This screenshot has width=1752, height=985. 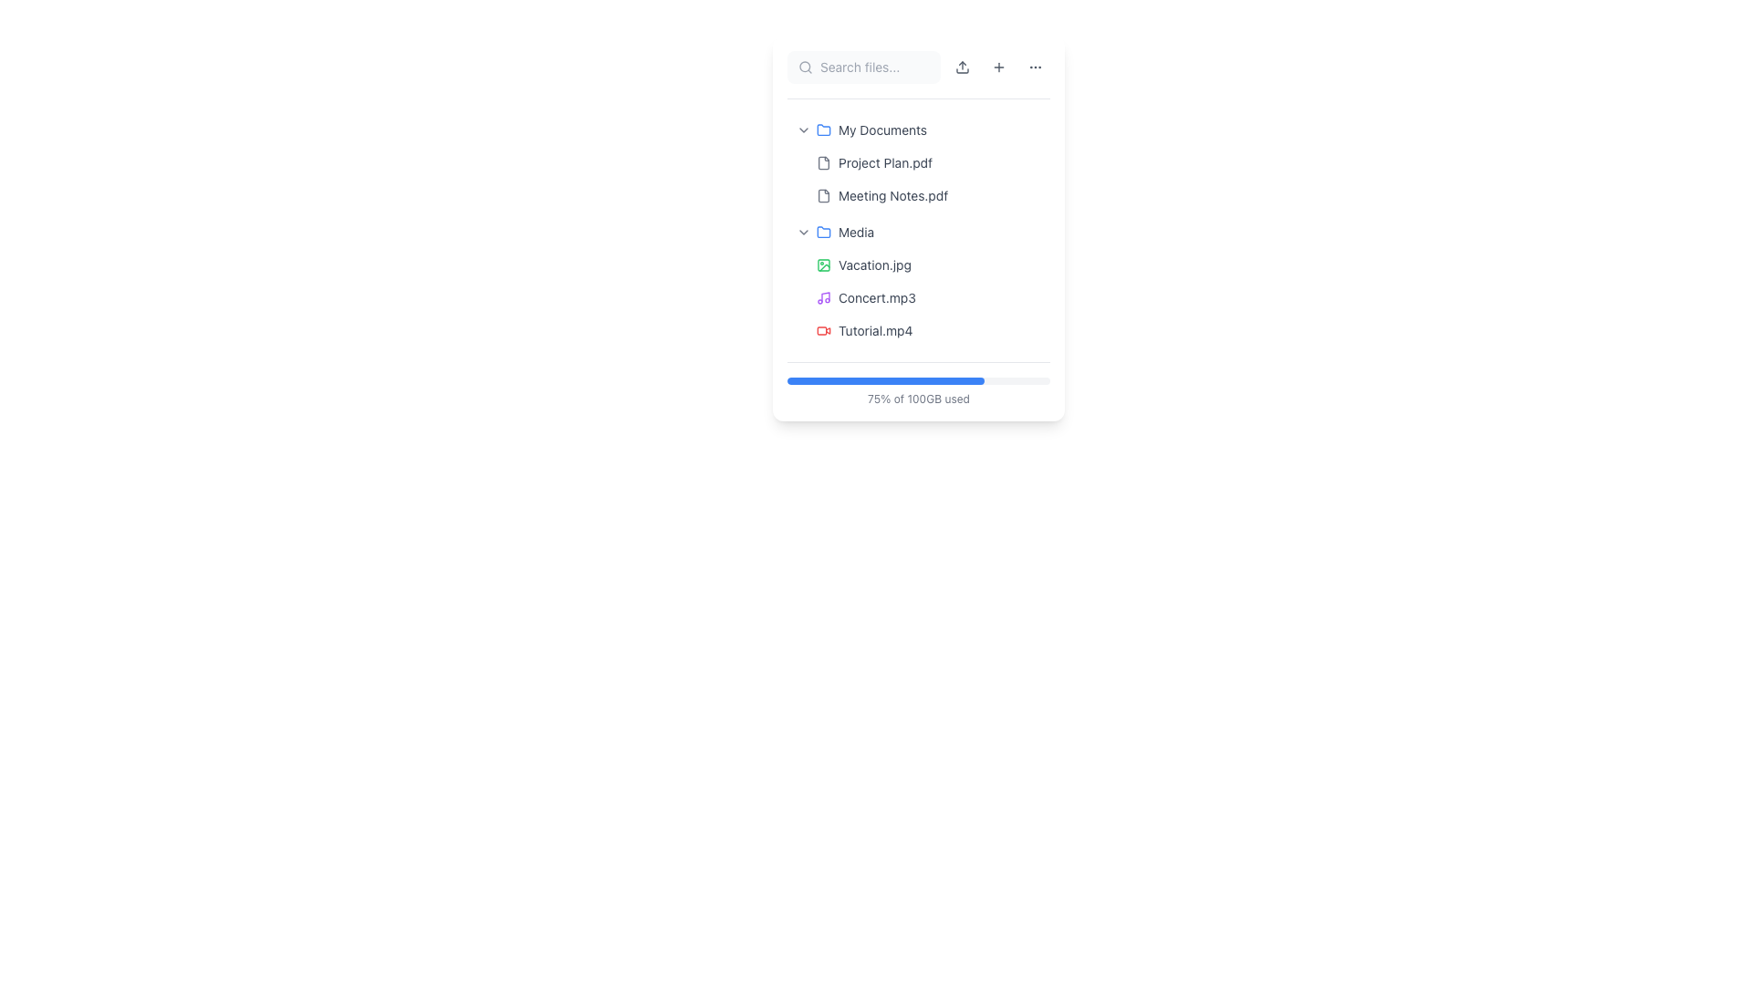 I want to click on the interactive icon for the dropdown or collapsible list, so click(x=803, y=231).